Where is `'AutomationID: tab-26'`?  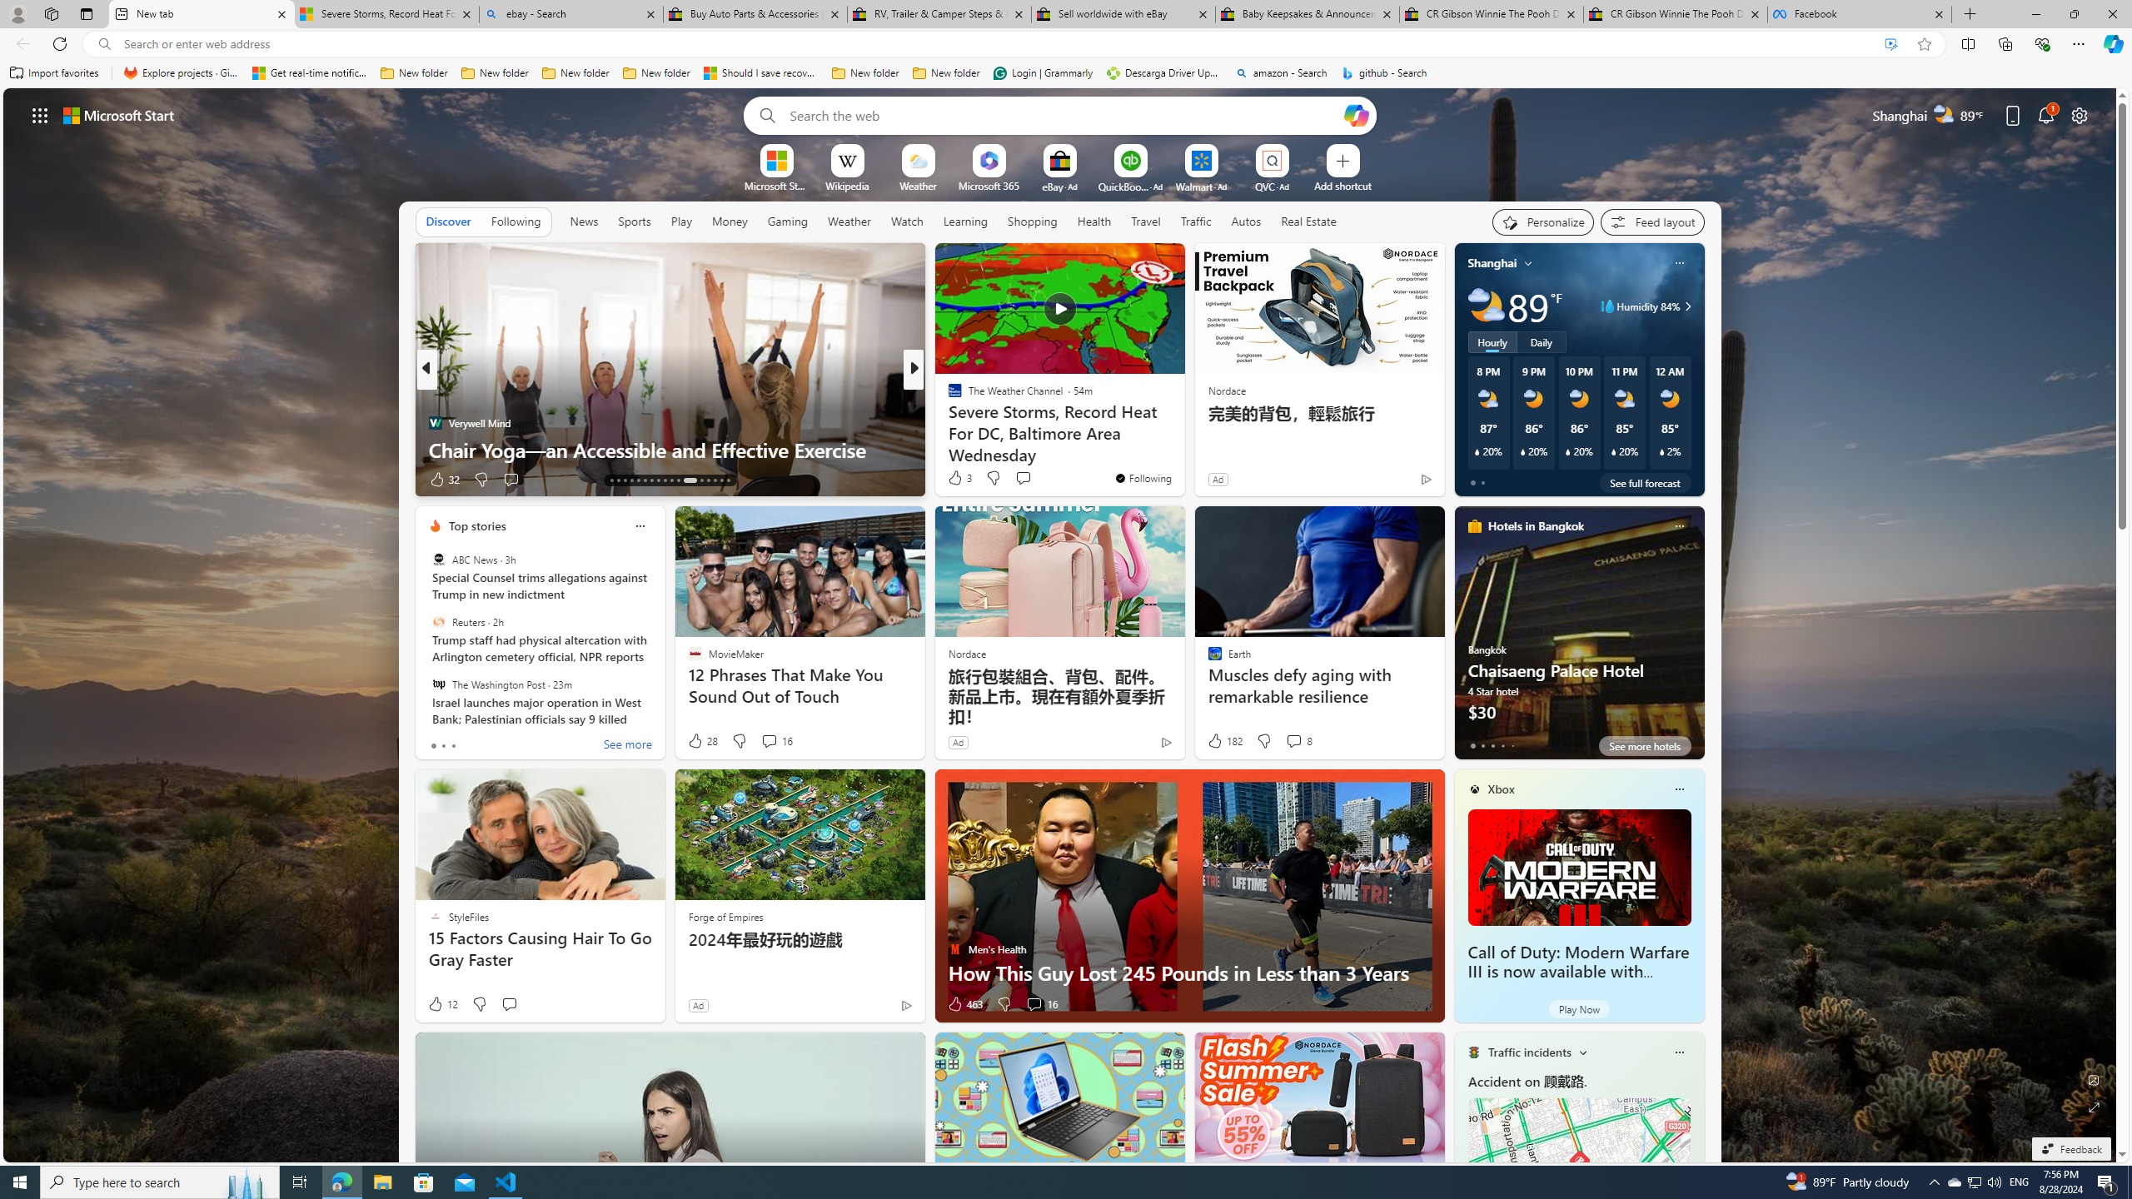
'AutomationID: tab-26' is located at coordinates (706, 480).